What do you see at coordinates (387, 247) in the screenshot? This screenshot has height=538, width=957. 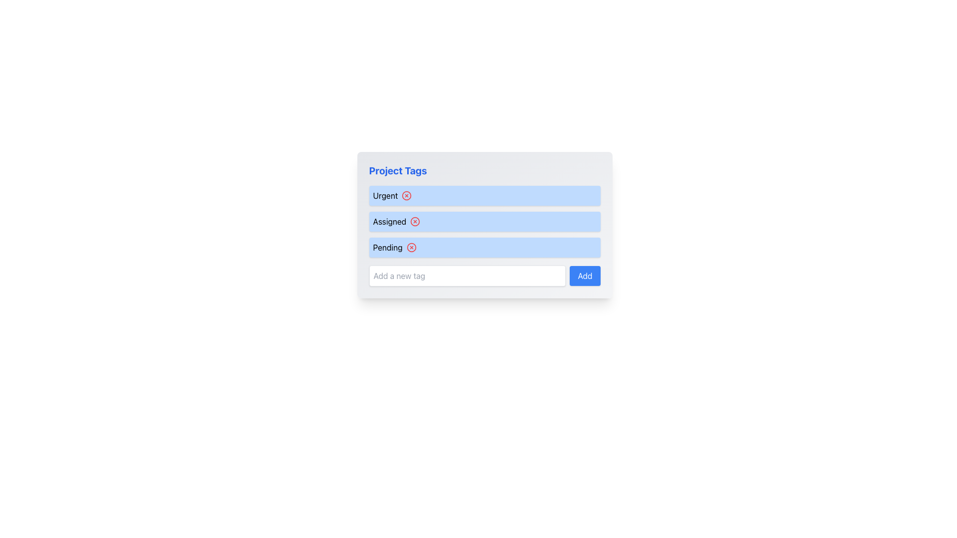 I see `the text label that reads 'Pending', which is styled with a bold font and dark color, located within the 'Project Tags' section as the third tag in a vertical list` at bounding box center [387, 247].